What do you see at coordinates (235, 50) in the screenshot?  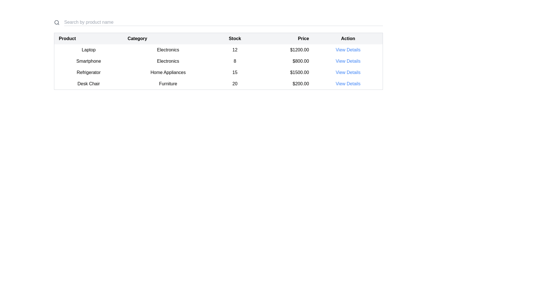 I see `the table cell displaying the stock quantity of the 'Laptop' product located in the third column under the 'Stock' header` at bounding box center [235, 50].